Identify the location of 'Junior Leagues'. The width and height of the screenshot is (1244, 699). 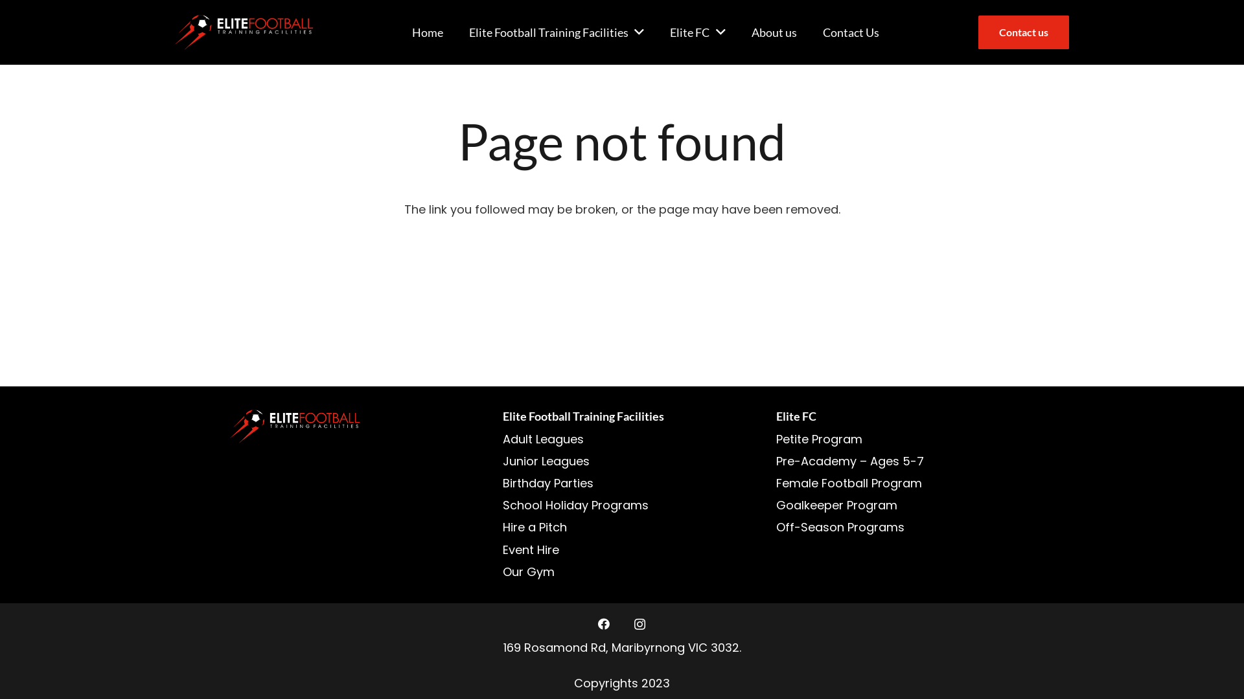
(502, 460).